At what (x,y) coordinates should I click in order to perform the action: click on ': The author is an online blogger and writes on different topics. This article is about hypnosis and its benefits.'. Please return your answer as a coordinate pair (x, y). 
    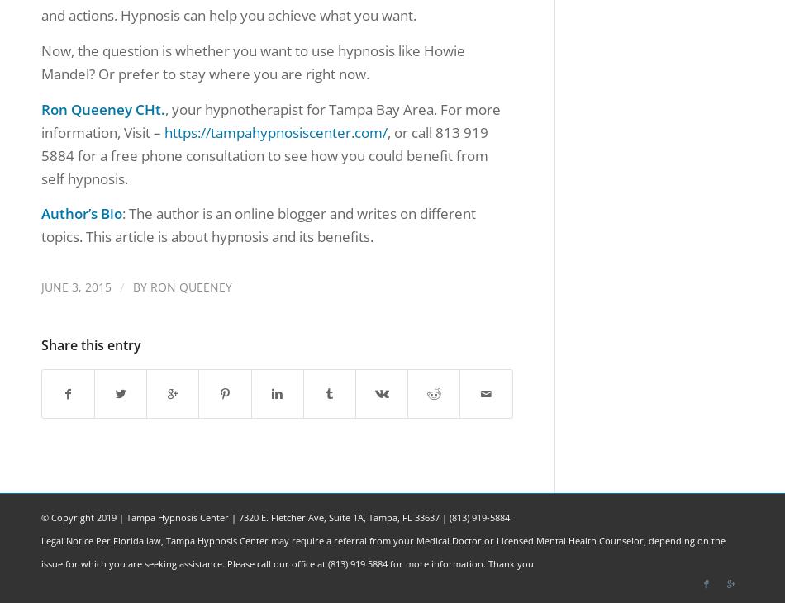
    Looking at the image, I should click on (258, 225).